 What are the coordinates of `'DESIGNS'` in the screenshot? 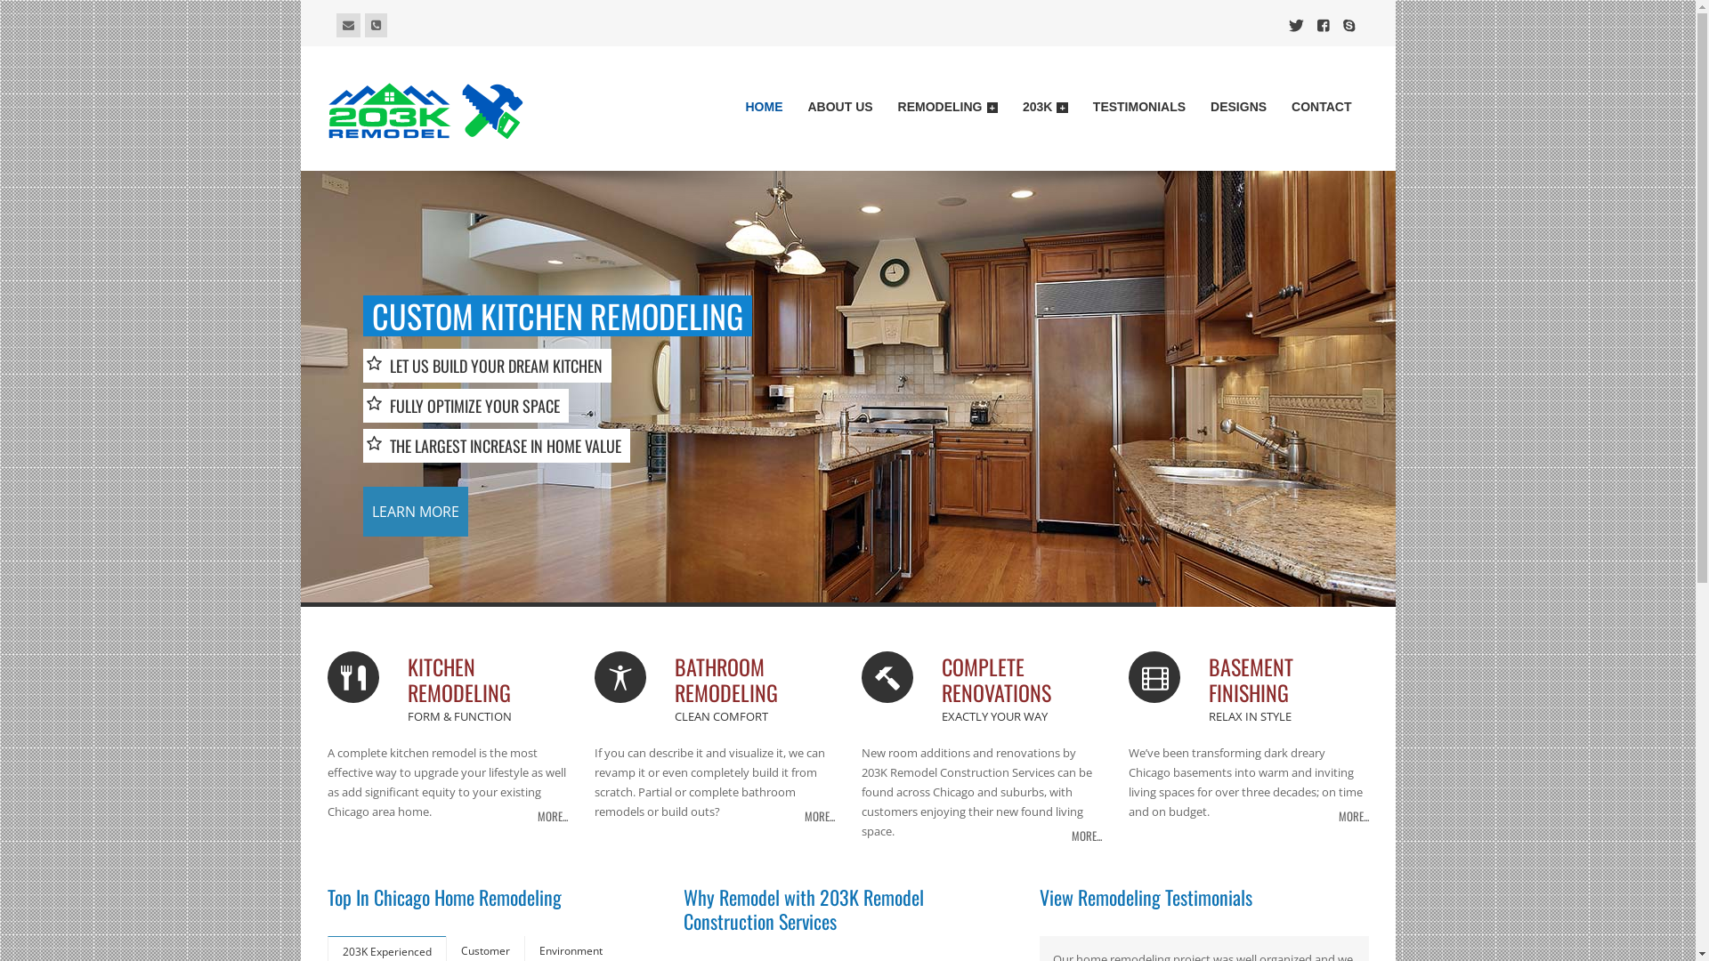 It's located at (1237, 109).